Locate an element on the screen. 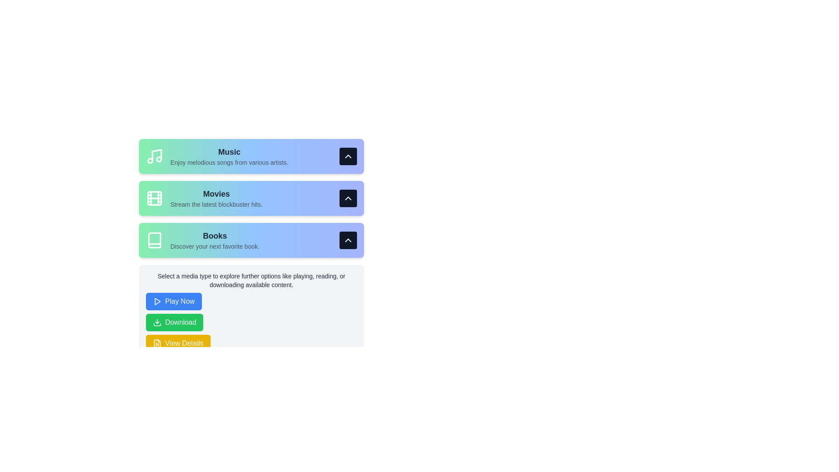 The height and width of the screenshot is (472, 839). the third clickable section related to books, located between the 'Movies' section and a descriptive paragraph is located at coordinates (251, 240).